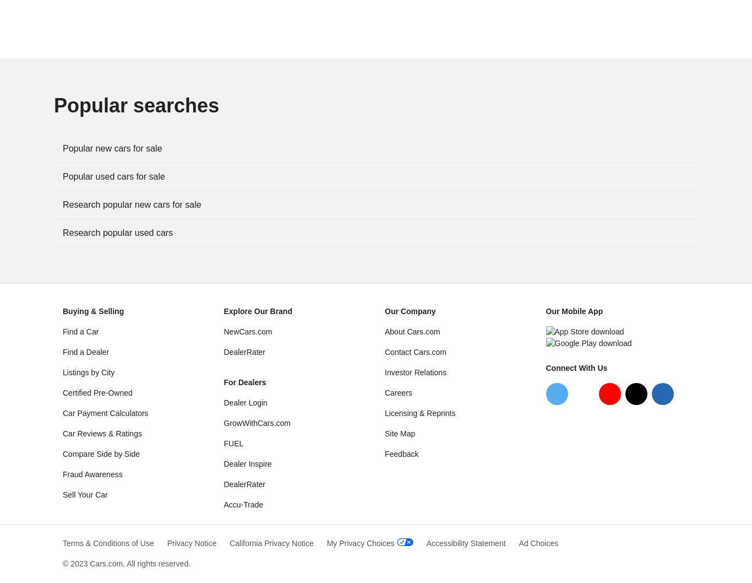 Image resolution: width=752 pixels, height=583 pixels. Describe the element at coordinates (538, 542) in the screenshot. I see `'Ad Choices'` at that location.